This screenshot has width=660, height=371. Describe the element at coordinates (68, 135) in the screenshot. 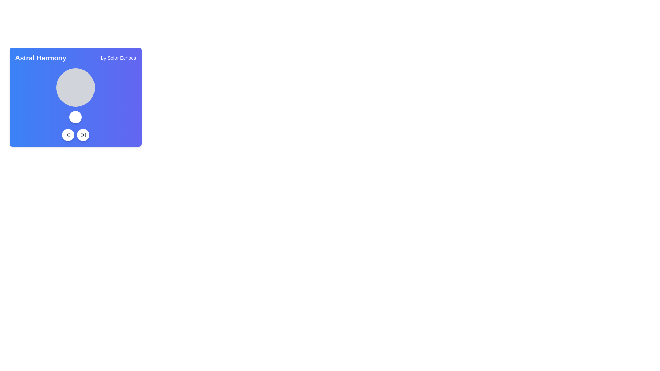

I see `the backward skip button represented by a triangular icon within a circular button located at the lower-left section of the interface` at that location.